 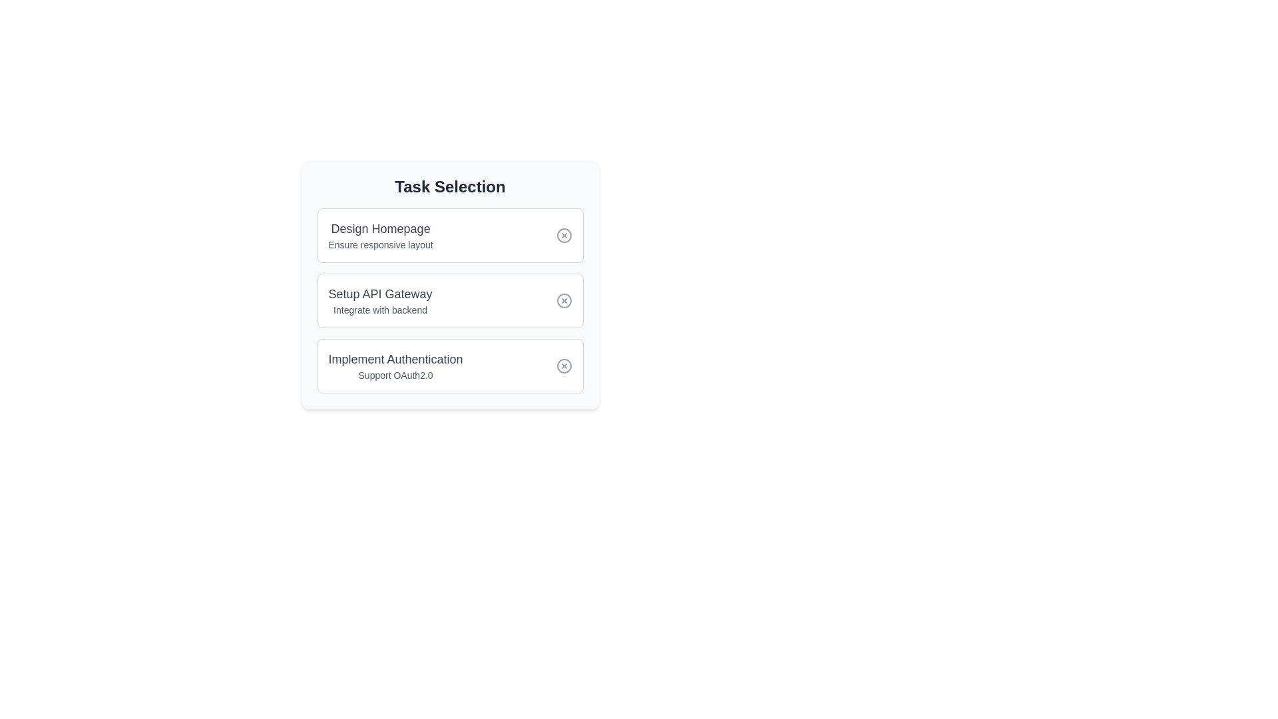 What do you see at coordinates (564, 366) in the screenshot?
I see `the medium-sized circular button with a gray outline and an 'X' in the center, located on the far-right side of the 'Implement Authentication' card` at bounding box center [564, 366].